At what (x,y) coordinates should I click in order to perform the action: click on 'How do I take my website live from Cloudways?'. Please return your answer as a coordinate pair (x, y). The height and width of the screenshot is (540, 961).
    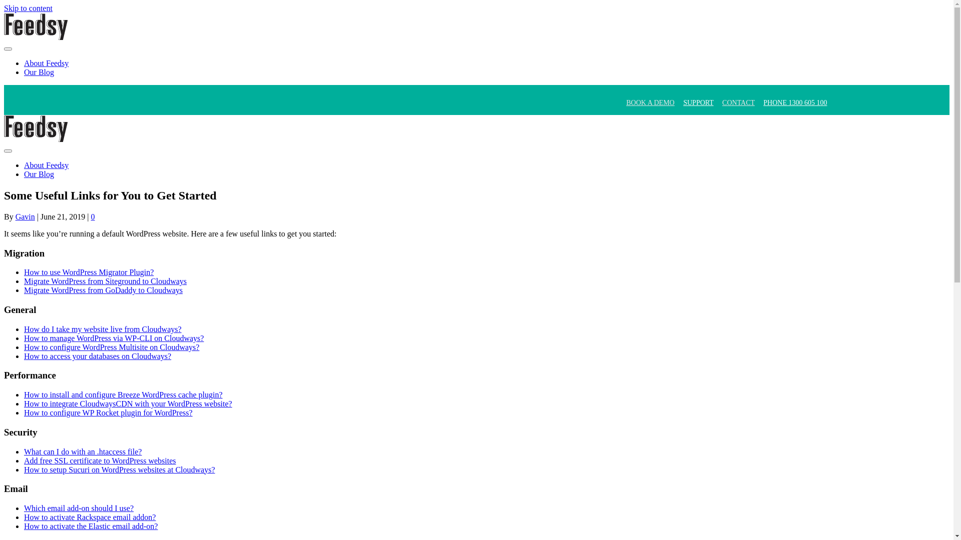
    Looking at the image, I should click on (103, 329).